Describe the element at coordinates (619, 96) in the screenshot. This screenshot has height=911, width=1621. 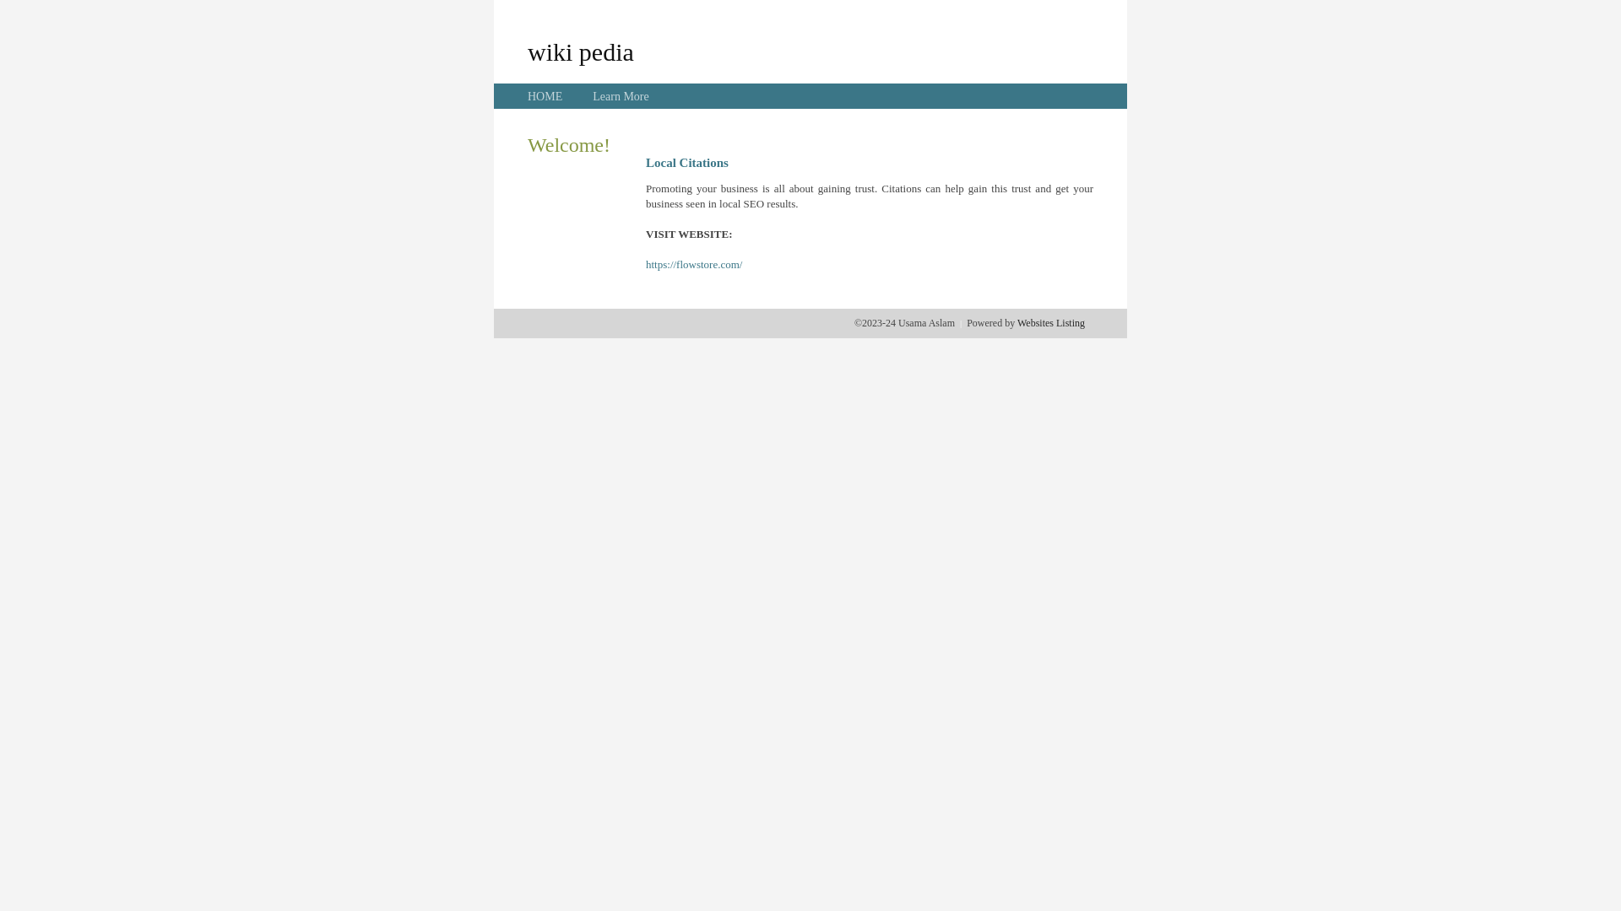
I see `'Learn More'` at that location.